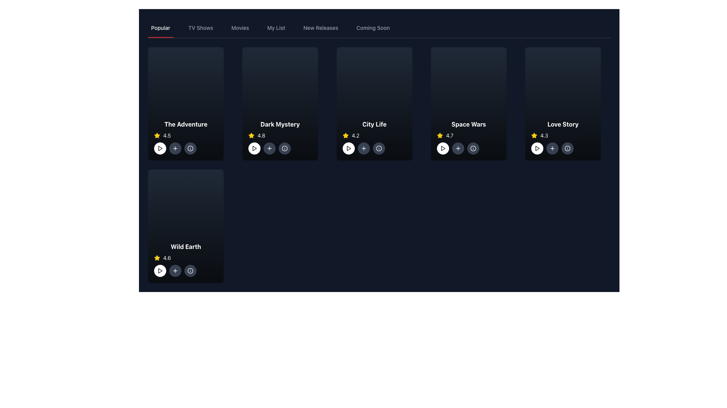  What do you see at coordinates (443, 148) in the screenshot?
I see `the play icon within the circular button at the bottom-left corner of the 'Space Wars' card to initiate video playback` at bounding box center [443, 148].